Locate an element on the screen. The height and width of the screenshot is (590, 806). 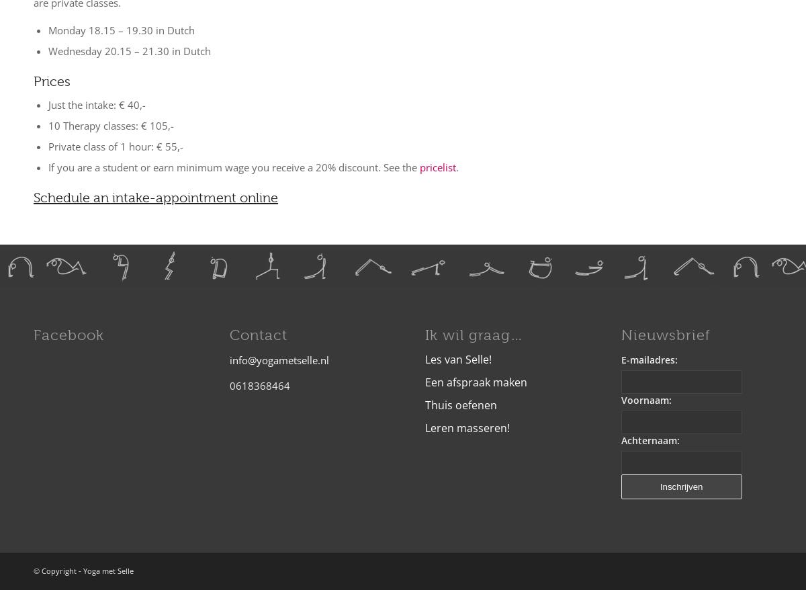
'Facebook' is located at coordinates (69, 335).